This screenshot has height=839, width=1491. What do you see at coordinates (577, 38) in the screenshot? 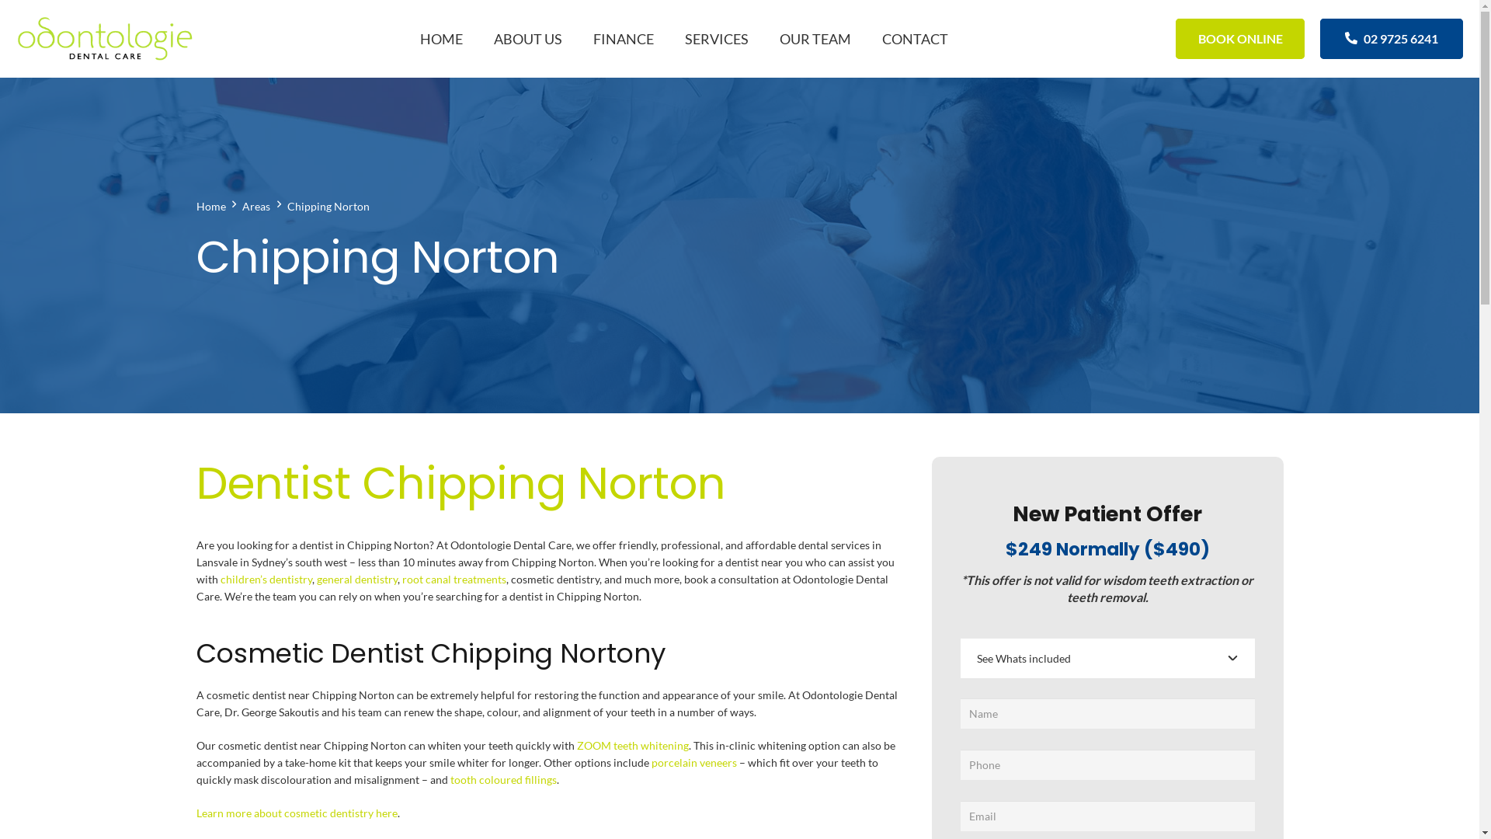
I see `'FINANCE'` at bounding box center [577, 38].